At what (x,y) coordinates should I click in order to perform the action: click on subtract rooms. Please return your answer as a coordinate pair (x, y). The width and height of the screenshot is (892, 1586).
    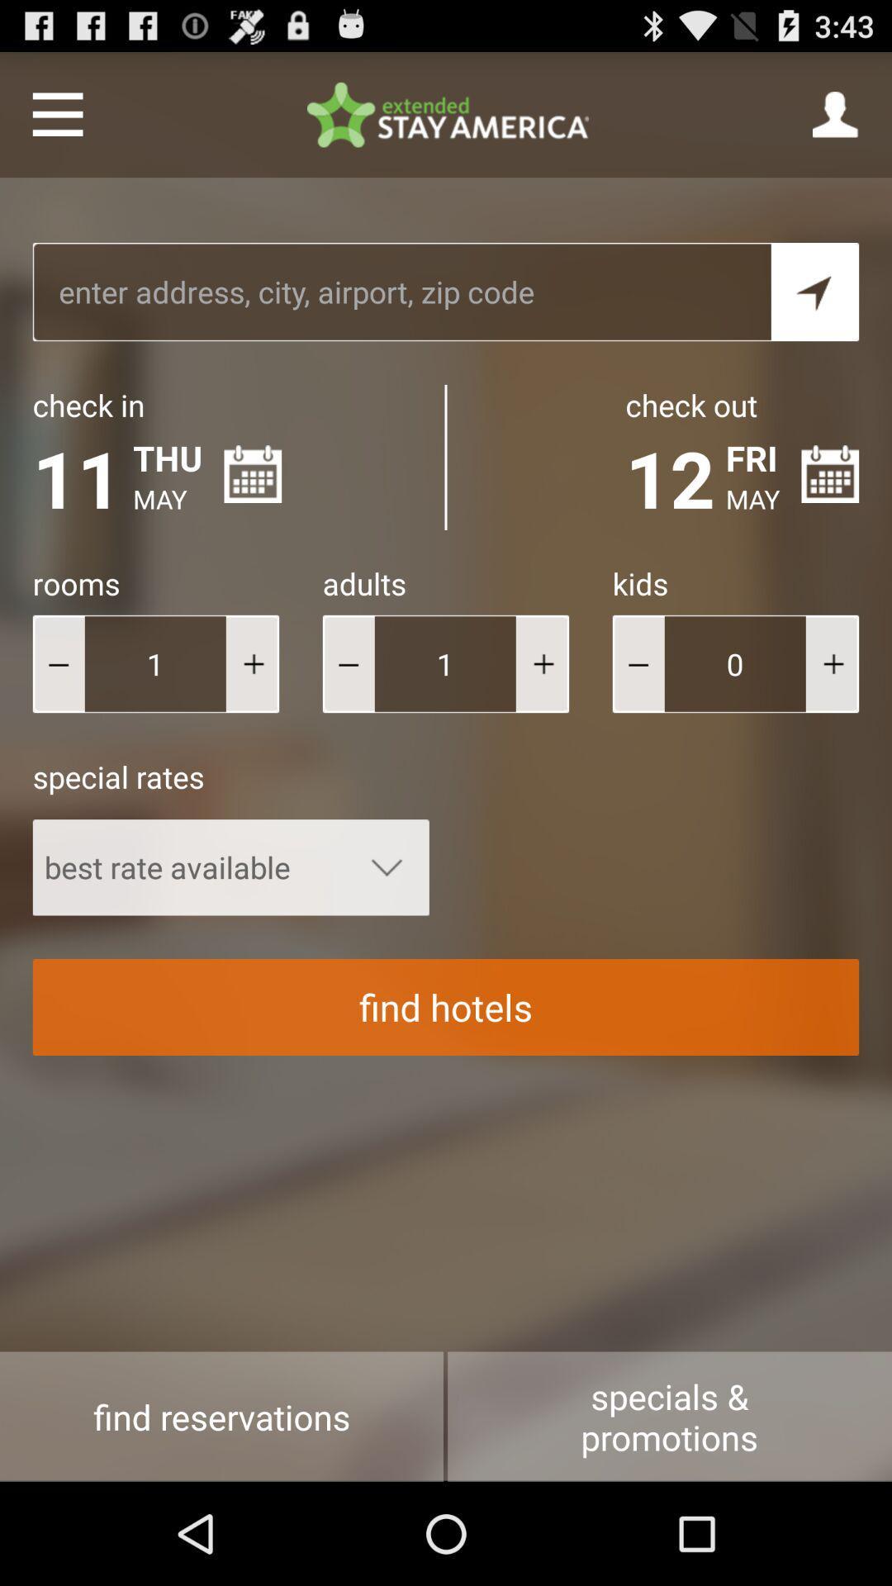
    Looking at the image, I should click on (58, 663).